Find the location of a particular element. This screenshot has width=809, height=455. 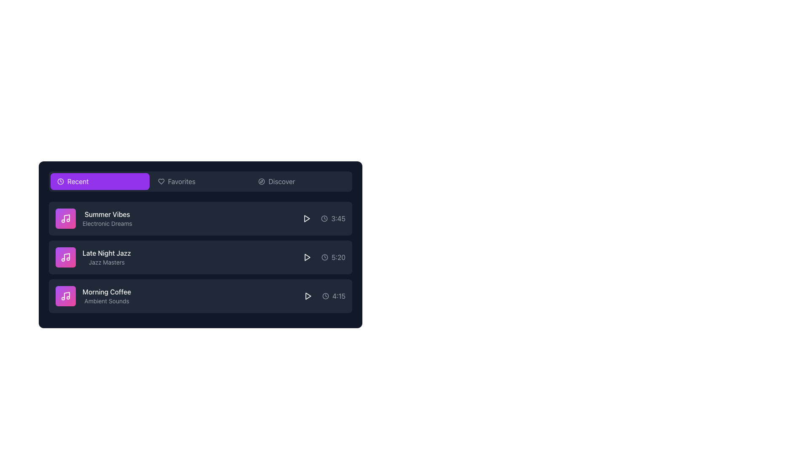

the triangular play icon button styled with a white stroke on a dark background, located in the 'Late Night Jazz' music entry row, near the textual timestamp is located at coordinates (306, 257).